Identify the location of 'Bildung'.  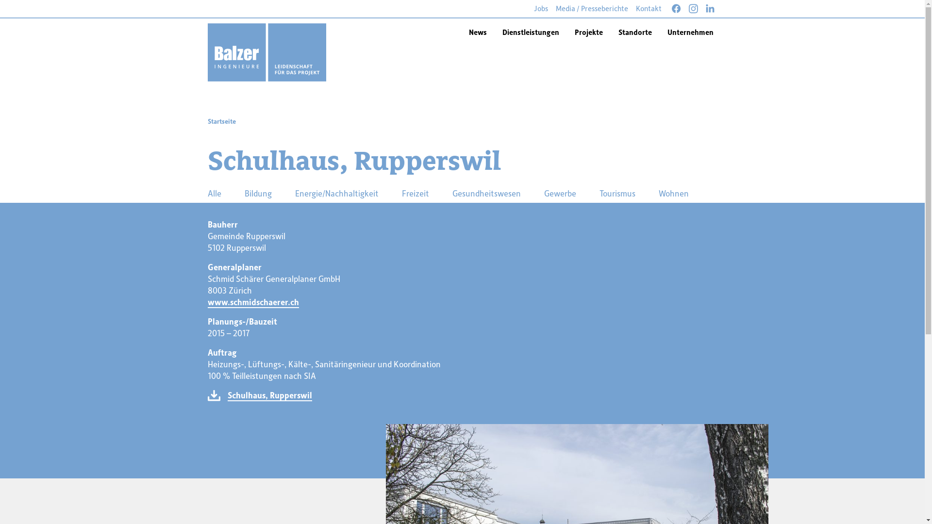
(258, 193).